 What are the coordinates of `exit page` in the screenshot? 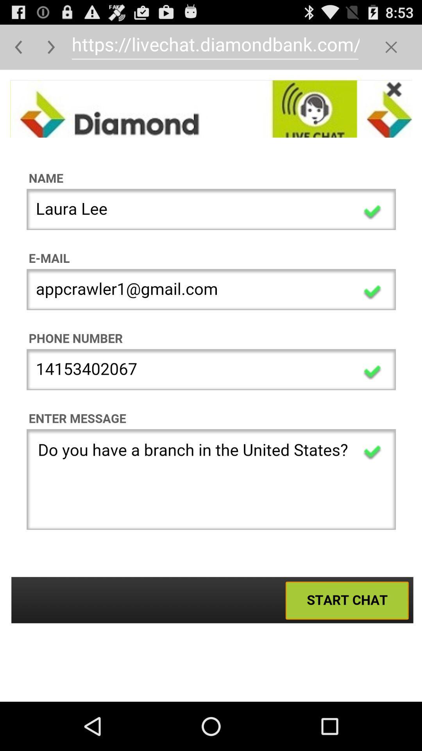 It's located at (391, 47).